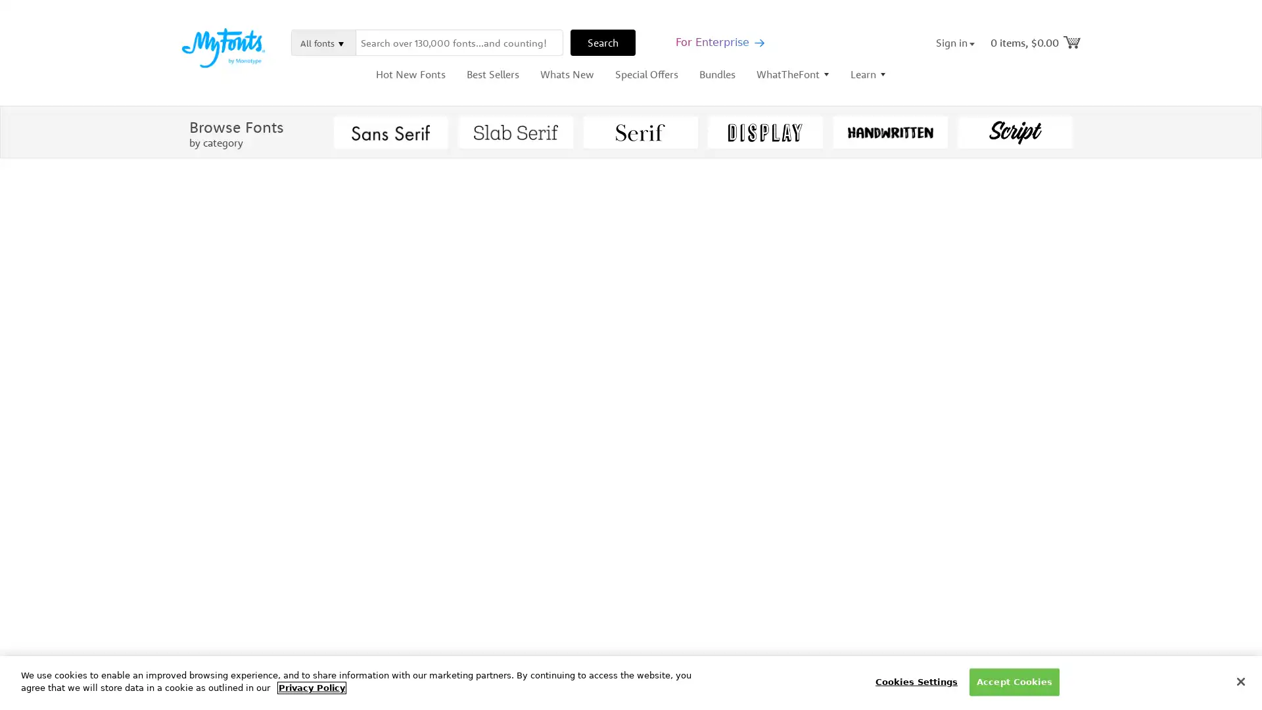  Describe the element at coordinates (1013, 681) in the screenshot. I see `Accept Cookies` at that location.